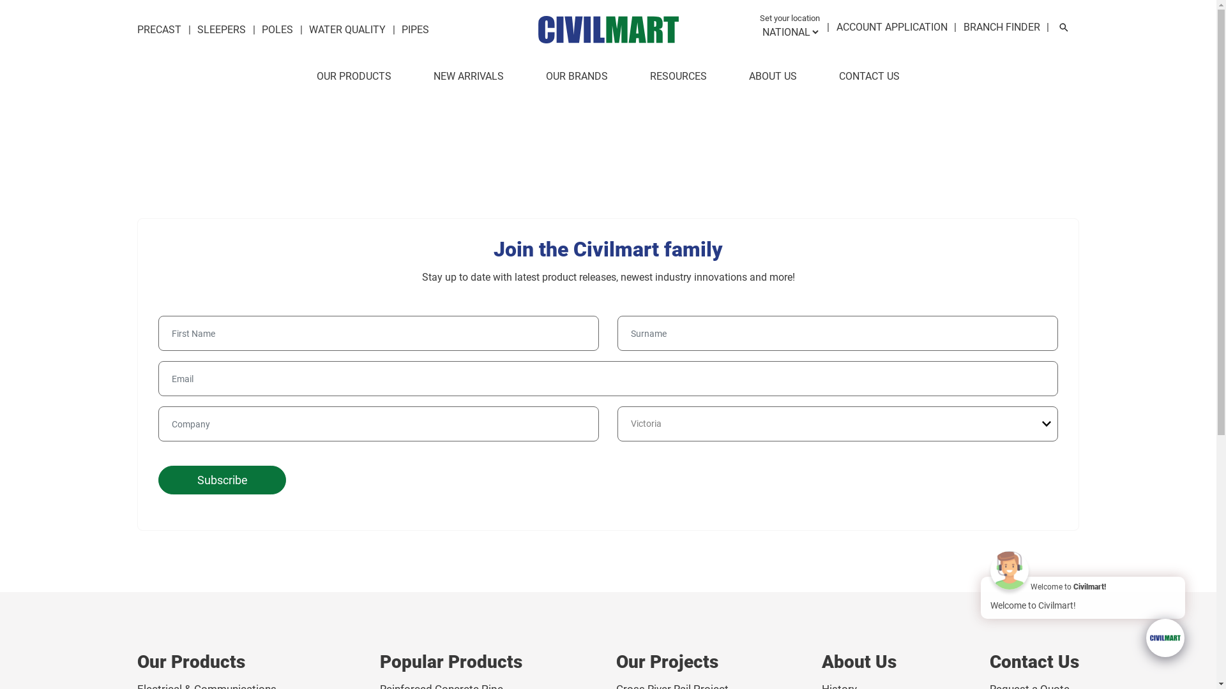  Describe the element at coordinates (891, 27) in the screenshot. I see `'ACCOUNT APPLICATION'` at that location.